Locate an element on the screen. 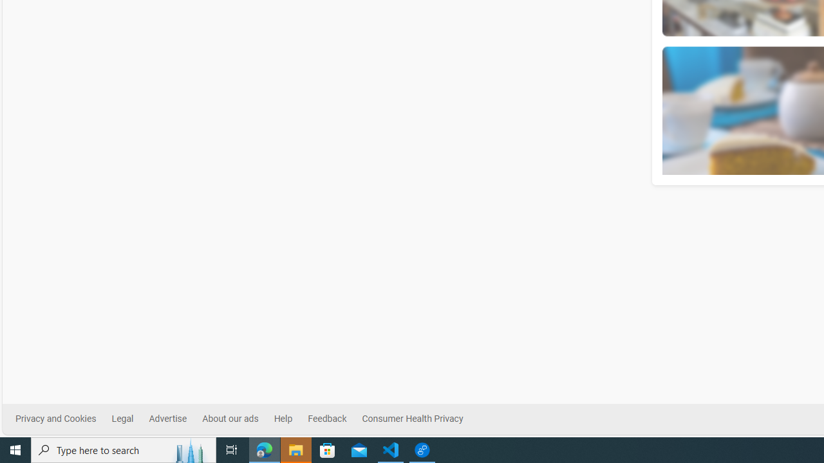  'About our ads' is located at coordinates (238, 419).